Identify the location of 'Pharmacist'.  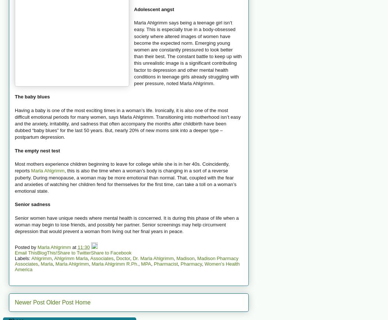
(165, 263).